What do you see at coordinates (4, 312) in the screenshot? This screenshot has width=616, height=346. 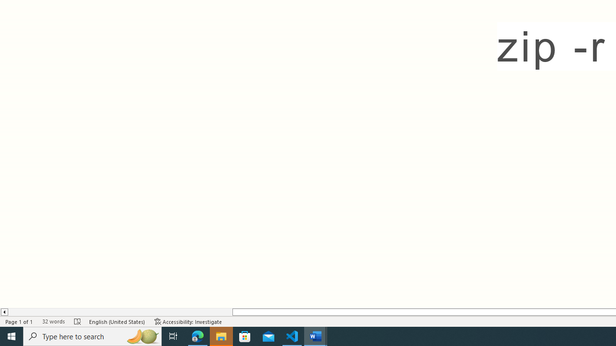 I see `'Column left'` at bounding box center [4, 312].